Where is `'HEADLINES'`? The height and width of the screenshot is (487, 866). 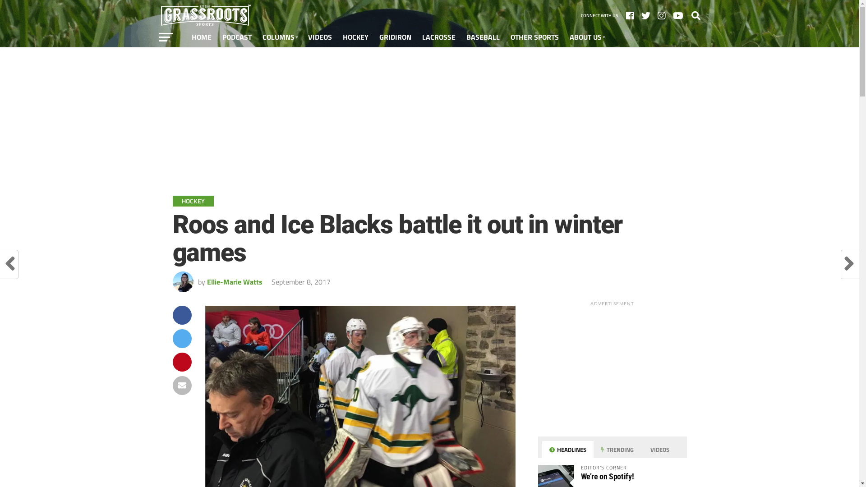
'HEADLINES' is located at coordinates (567, 449).